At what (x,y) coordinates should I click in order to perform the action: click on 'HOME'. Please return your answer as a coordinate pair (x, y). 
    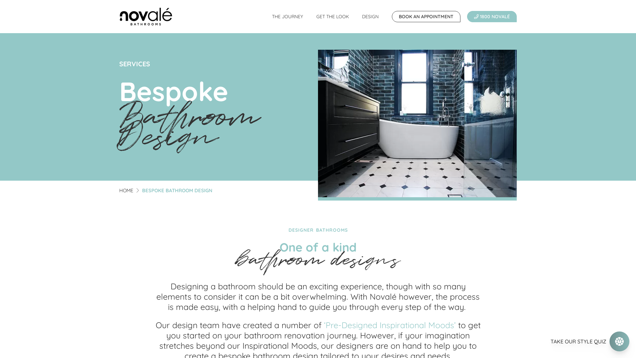
    Looking at the image, I should click on (126, 190).